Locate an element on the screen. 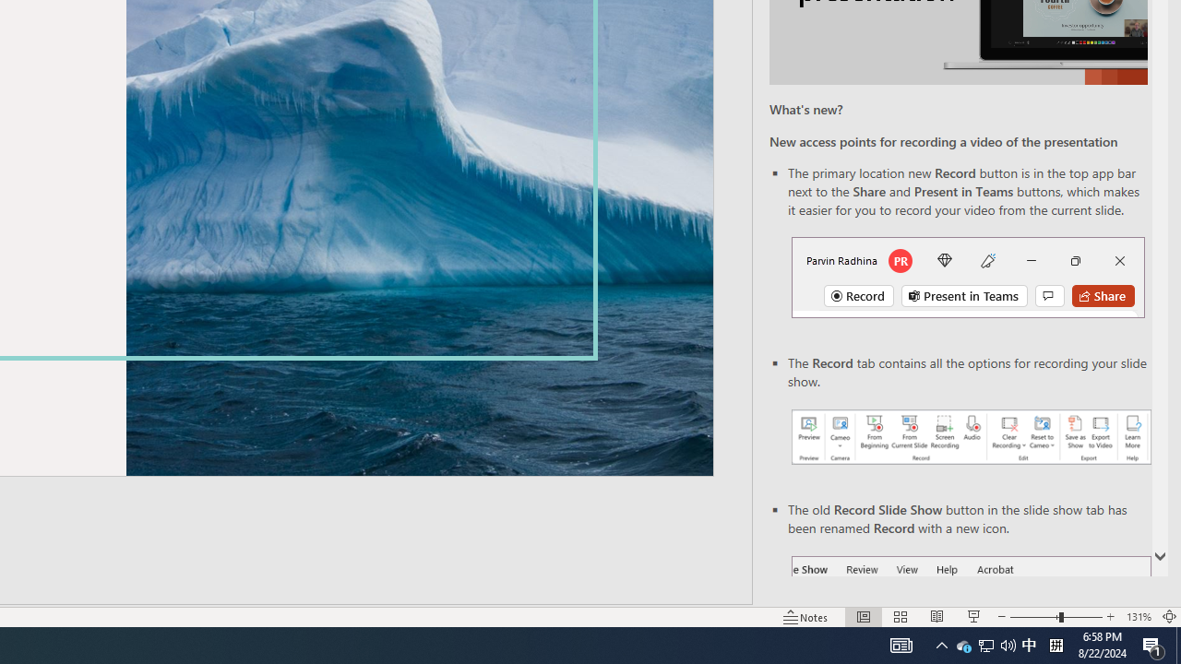 The height and width of the screenshot is (664, 1181). 'Zoom to Fit ' is located at coordinates (1168, 617).